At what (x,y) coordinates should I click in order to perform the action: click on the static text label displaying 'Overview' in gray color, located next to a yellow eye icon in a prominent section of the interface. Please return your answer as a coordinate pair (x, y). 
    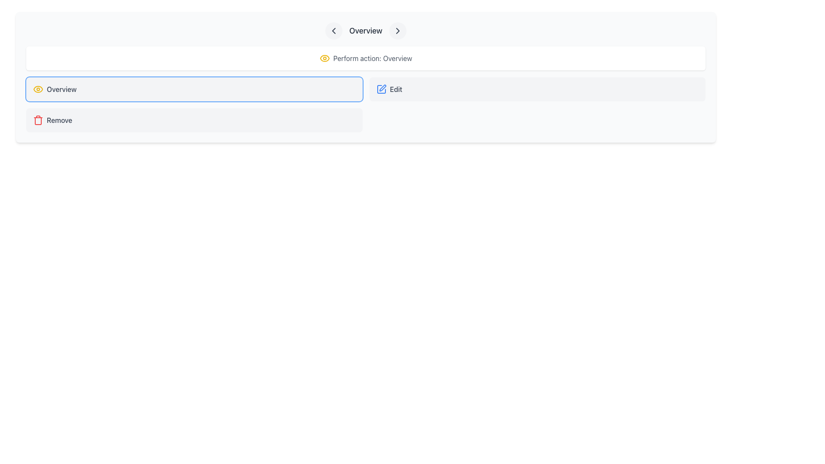
    Looking at the image, I should click on (61, 89).